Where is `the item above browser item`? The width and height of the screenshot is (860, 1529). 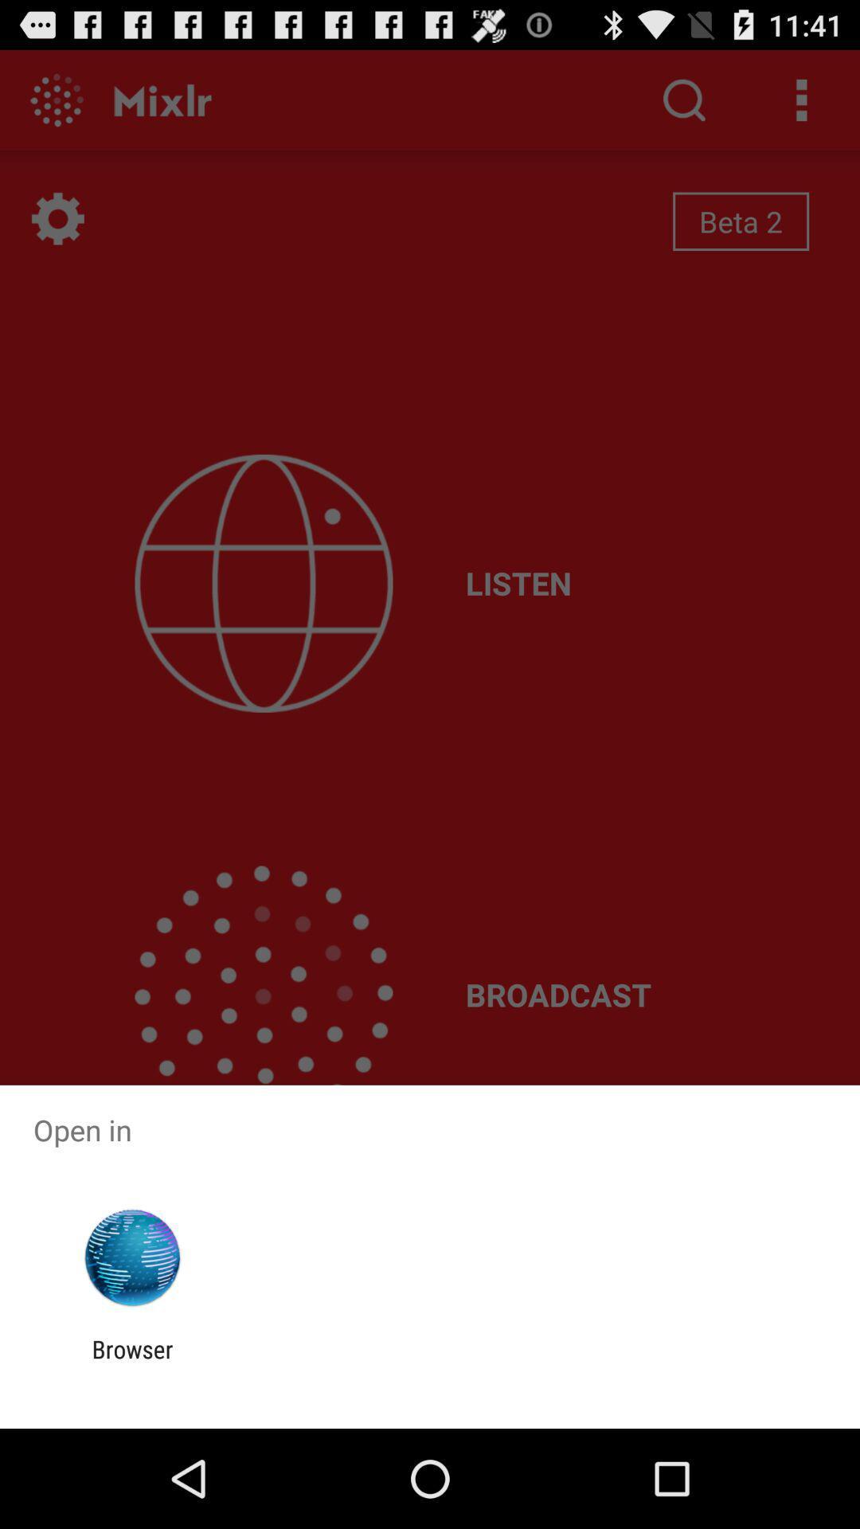 the item above browser item is located at coordinates (131, 1257).